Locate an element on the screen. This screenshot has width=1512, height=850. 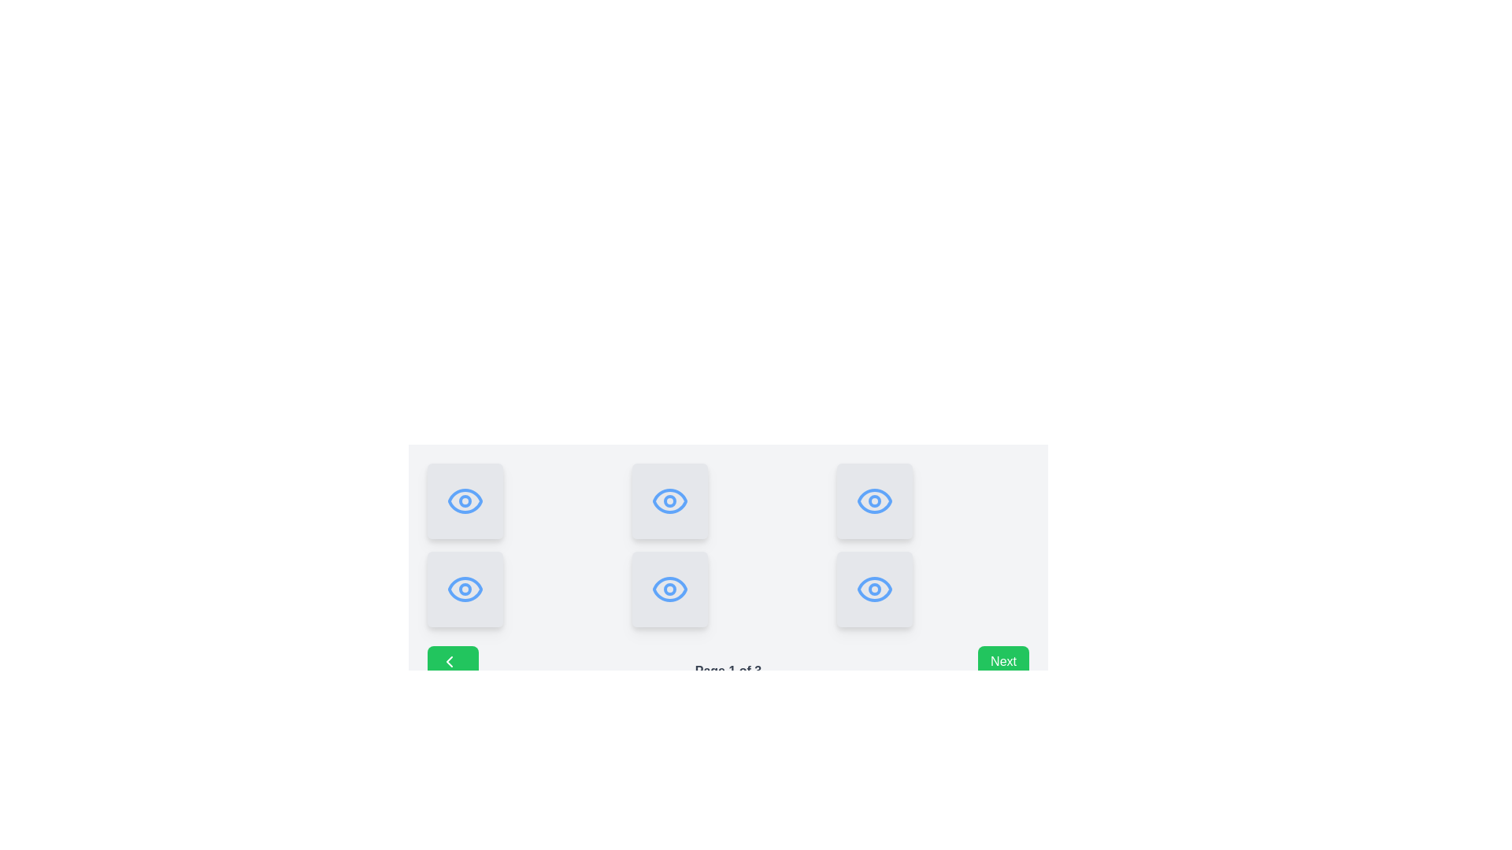
the eye-shaped icon with a blue outline located in the bottom-right corner of the grid is located at coordinates (873, 589).